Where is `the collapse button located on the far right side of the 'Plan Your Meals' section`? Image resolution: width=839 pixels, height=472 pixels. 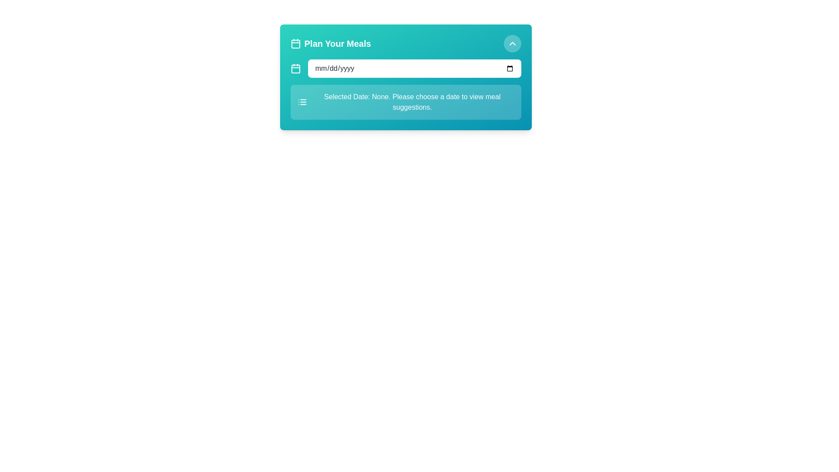
the collapse button located on the far right side of the 'Plan Your Meals' section is located at coordinates (512, 44).